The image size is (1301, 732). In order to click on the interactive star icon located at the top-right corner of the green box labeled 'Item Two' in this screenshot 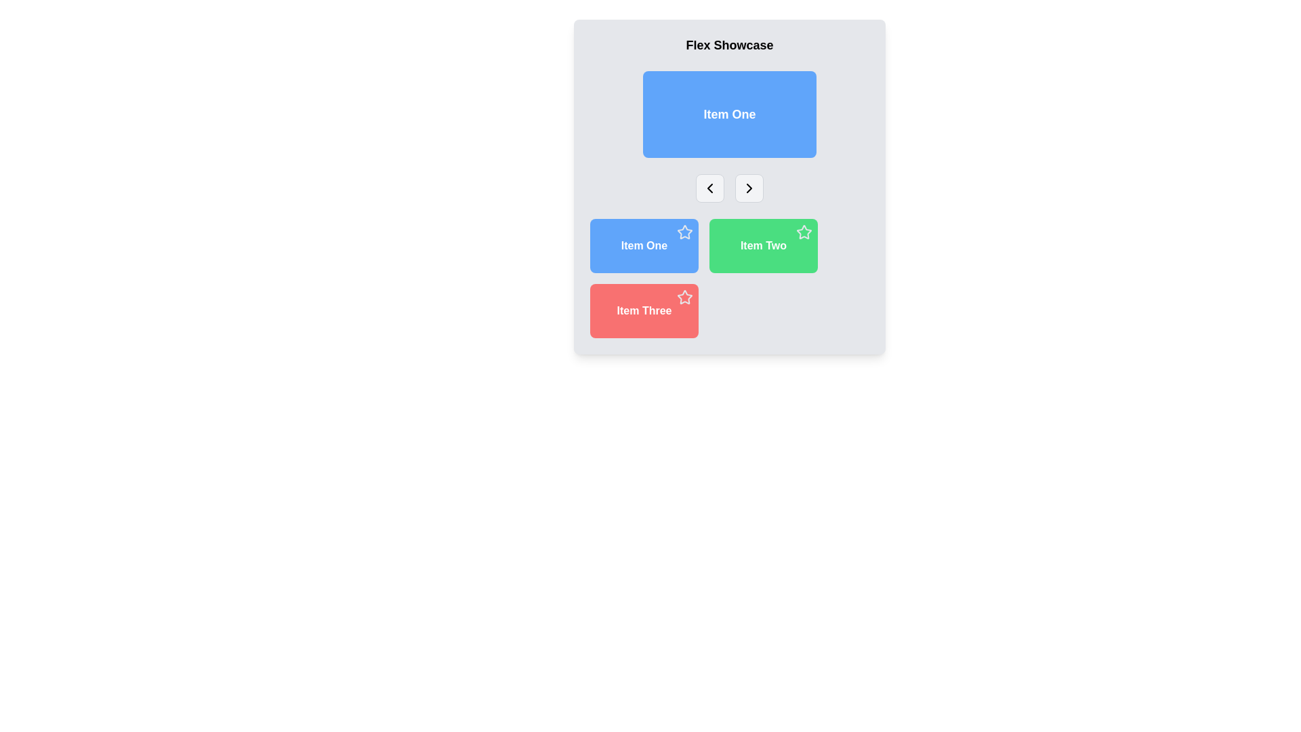, I will do `click(804, 232)`.